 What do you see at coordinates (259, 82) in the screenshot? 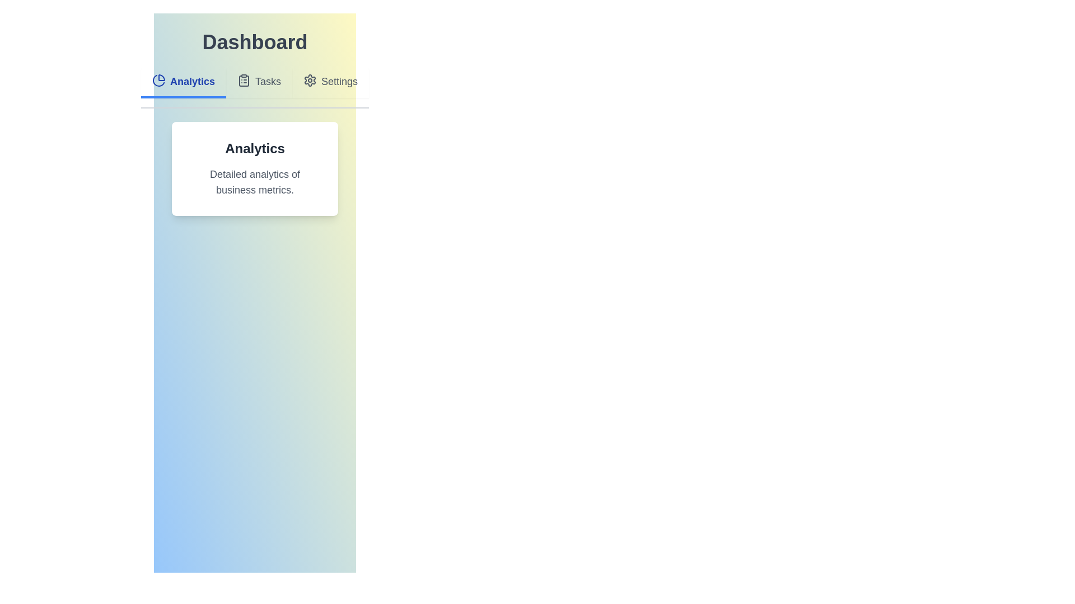
I see `the Tasks tab to view its content` at bounding box center [259, 82].